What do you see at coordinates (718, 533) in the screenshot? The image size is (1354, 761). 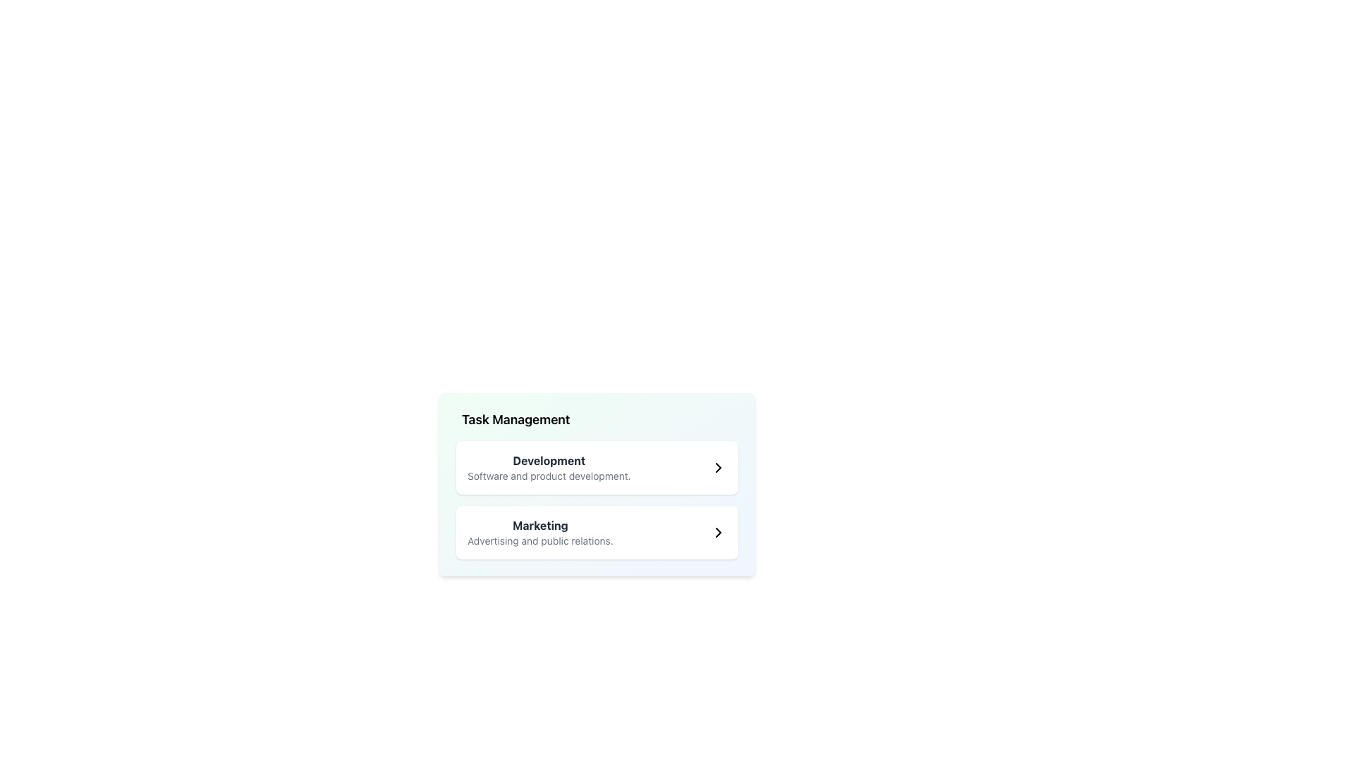 I see `the chevron arrow icon pointing to the right, located at the far right of the 'Marketing' section in the 'Task Management' card layout` at bounding box center [718, 533].